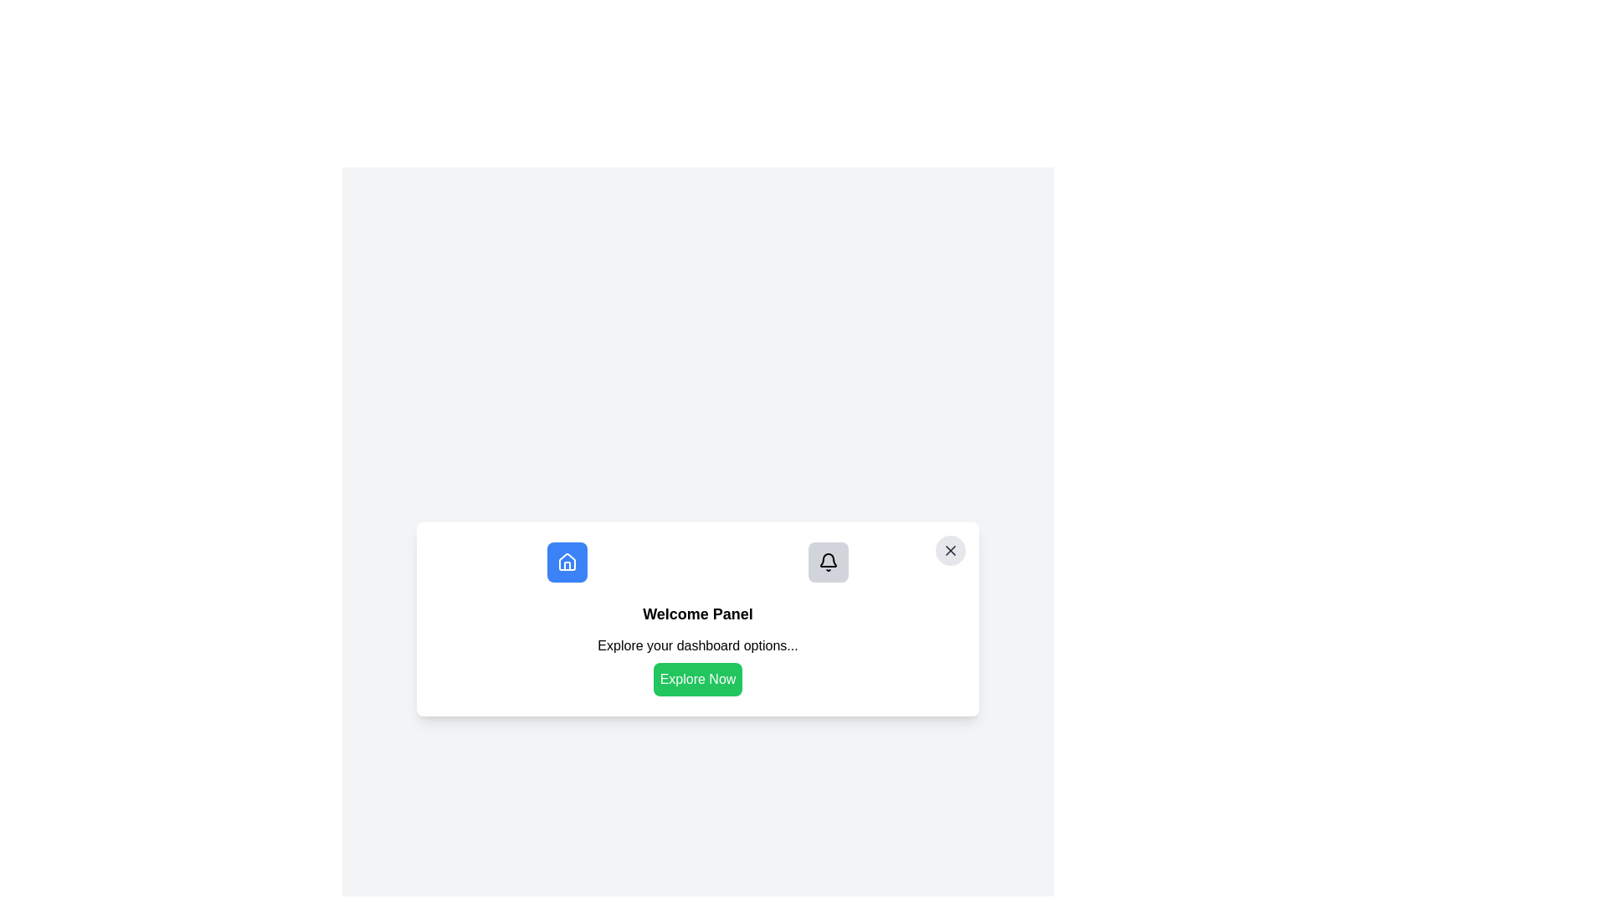 The width and height of the screenshot is (1607, 904). Describe the element at coordinates (951, 551) in the screenshot. I see `the 'X' shaped icon located at the top right corner of a white card interface, which is formed by two diagonal lines crossing each other` at that location.